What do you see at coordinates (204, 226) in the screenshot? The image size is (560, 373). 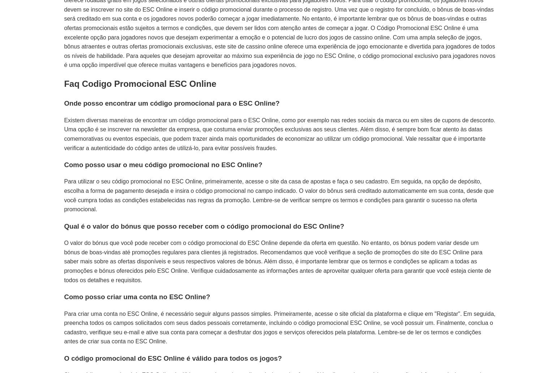 I see `'Qual é o valor do bónus que posso receber com o código promocional do ESC Online?'` at bounding box center [204, 226].